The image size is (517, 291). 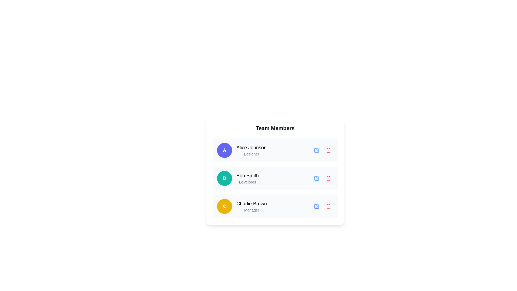 I want to click on name 'Alice Johnson' displayed in bold within the first entry of the 'Team Members' list, located above the text 'Designer' and slightly right of the circular icon with the letter 'A', so click(x=251, y=147).